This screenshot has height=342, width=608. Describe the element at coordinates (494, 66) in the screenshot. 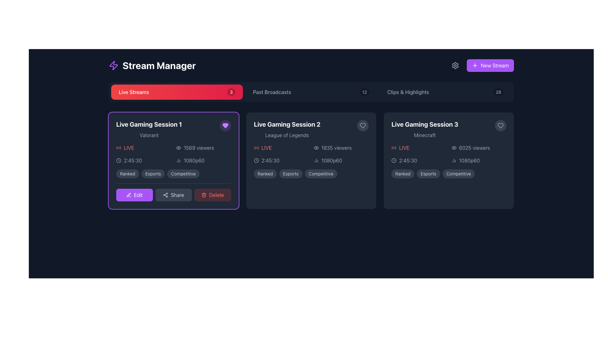

I see `the static text label that identifies the purpose of the 'New Stream' button, located in the upper-right corner of the interface` at that location.